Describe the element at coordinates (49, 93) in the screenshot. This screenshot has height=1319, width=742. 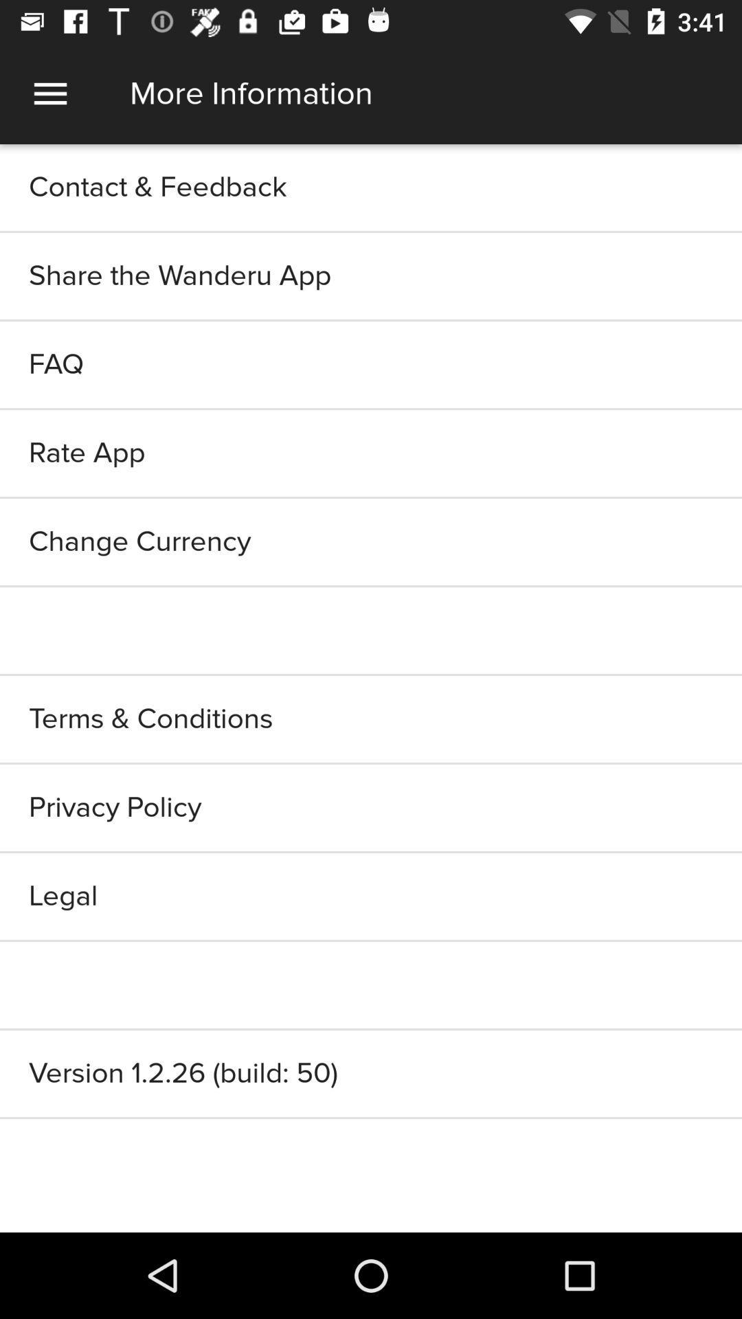
I see `item next to the more information` at that location.